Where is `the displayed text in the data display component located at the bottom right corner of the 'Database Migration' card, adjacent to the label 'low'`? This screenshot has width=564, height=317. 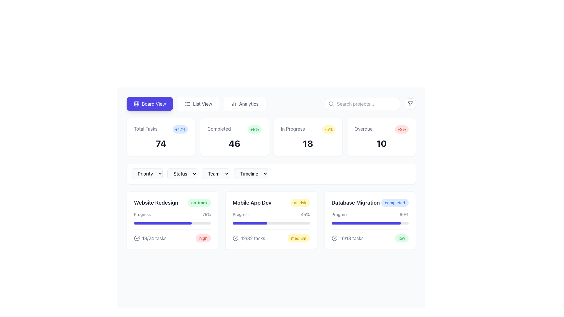
the displayed text in the data display component located at the bottom right corner of the 'Database Migration' card, adjacent to the label 'low' is located at coordinates (348, 238).